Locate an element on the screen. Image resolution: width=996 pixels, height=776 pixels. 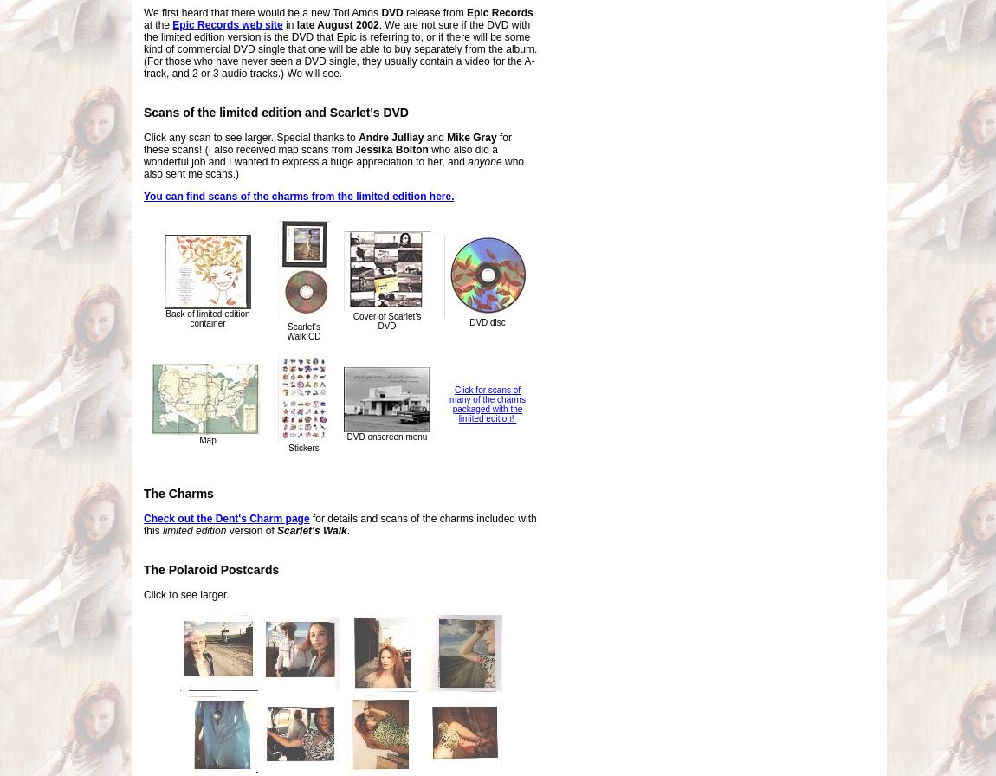
'for these scans! (I also received map scans from' is located at coordinates (327, 144).